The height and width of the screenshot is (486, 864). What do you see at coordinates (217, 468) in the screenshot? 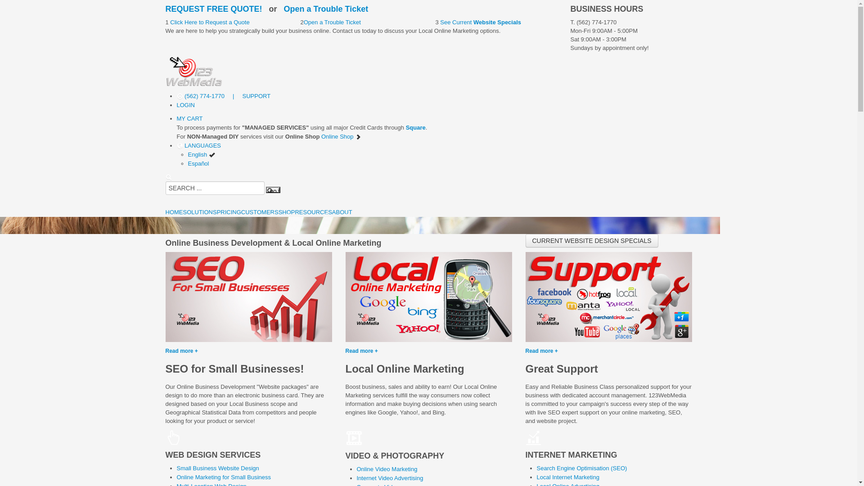
I see `'Small Business Website Design'` at bounding box center [217, 468].